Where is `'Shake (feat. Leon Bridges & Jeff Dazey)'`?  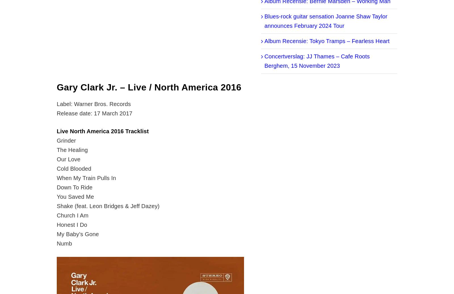
'Shake (feat. Leon Bridges & Jeff Dazey)' is located at coordinates (108, 206).